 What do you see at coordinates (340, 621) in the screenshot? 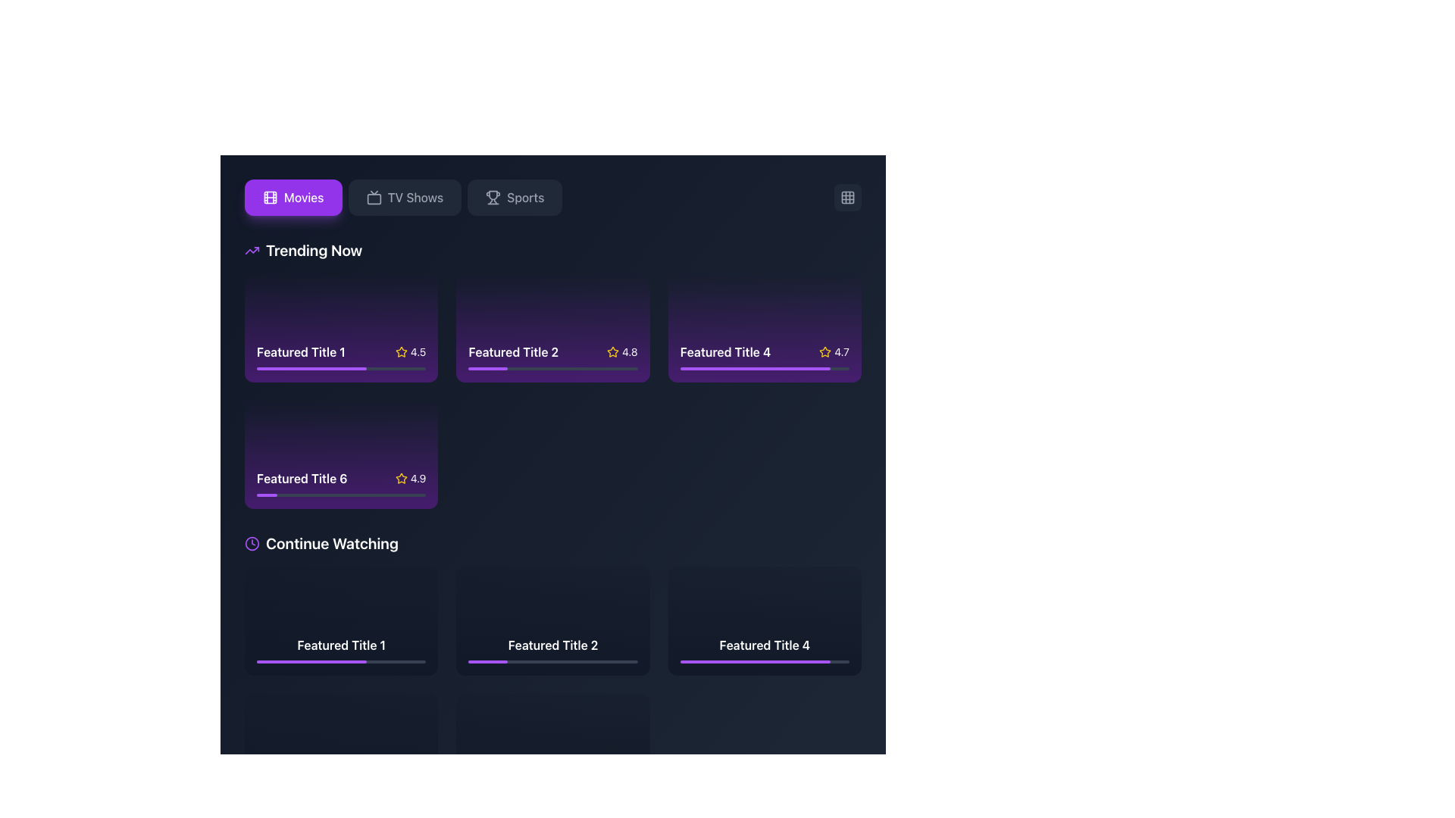
I see `the Content card located at the top-left corner of the second row` at bounding box center [340, 621].